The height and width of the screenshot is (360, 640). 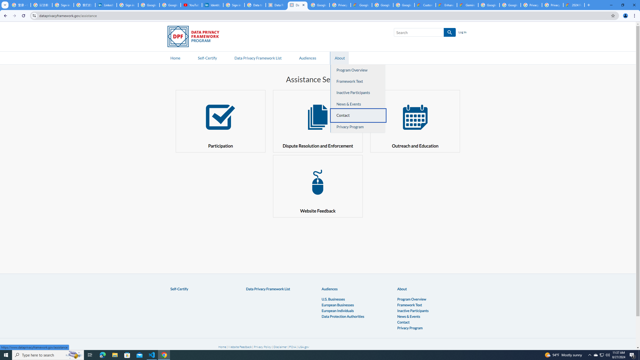 I want to click on 'AutomationID: navitem2', so click(x=339, y=57).